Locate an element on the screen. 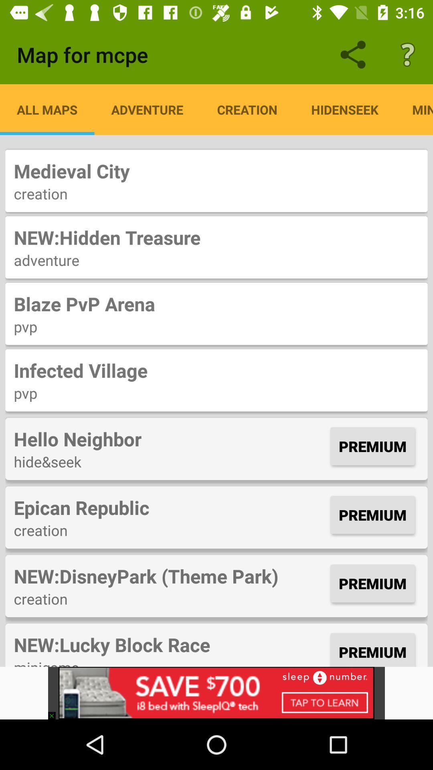 Image resolution: width=433 pixels, height=770 pixels. the item below hide&seek is located at coordinates (170, 507).